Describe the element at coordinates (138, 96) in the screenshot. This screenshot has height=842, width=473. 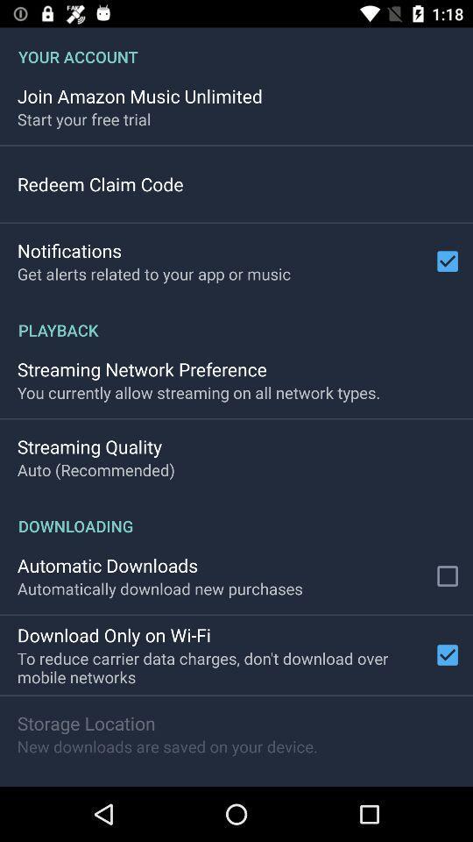
I see `the icon above the start your free icon` at that location.